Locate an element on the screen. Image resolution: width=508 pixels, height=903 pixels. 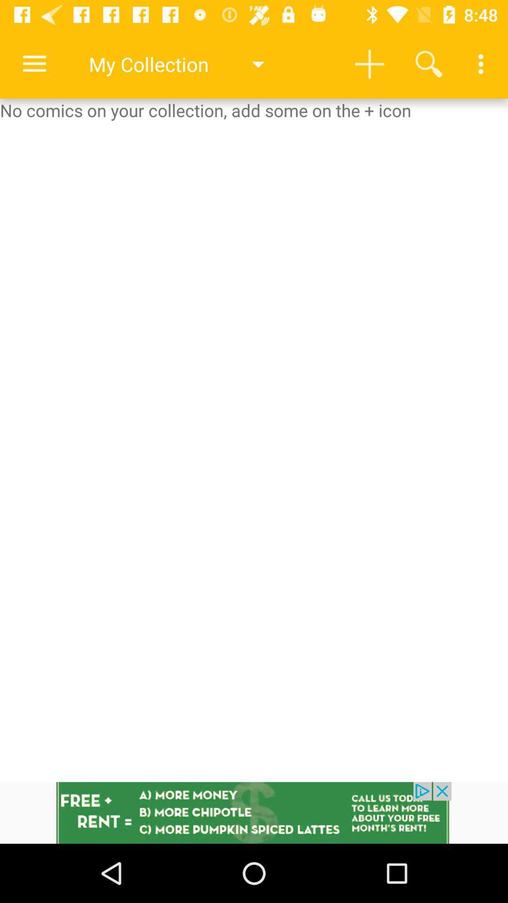
advertisement banner is located at coordinates (254, 812).